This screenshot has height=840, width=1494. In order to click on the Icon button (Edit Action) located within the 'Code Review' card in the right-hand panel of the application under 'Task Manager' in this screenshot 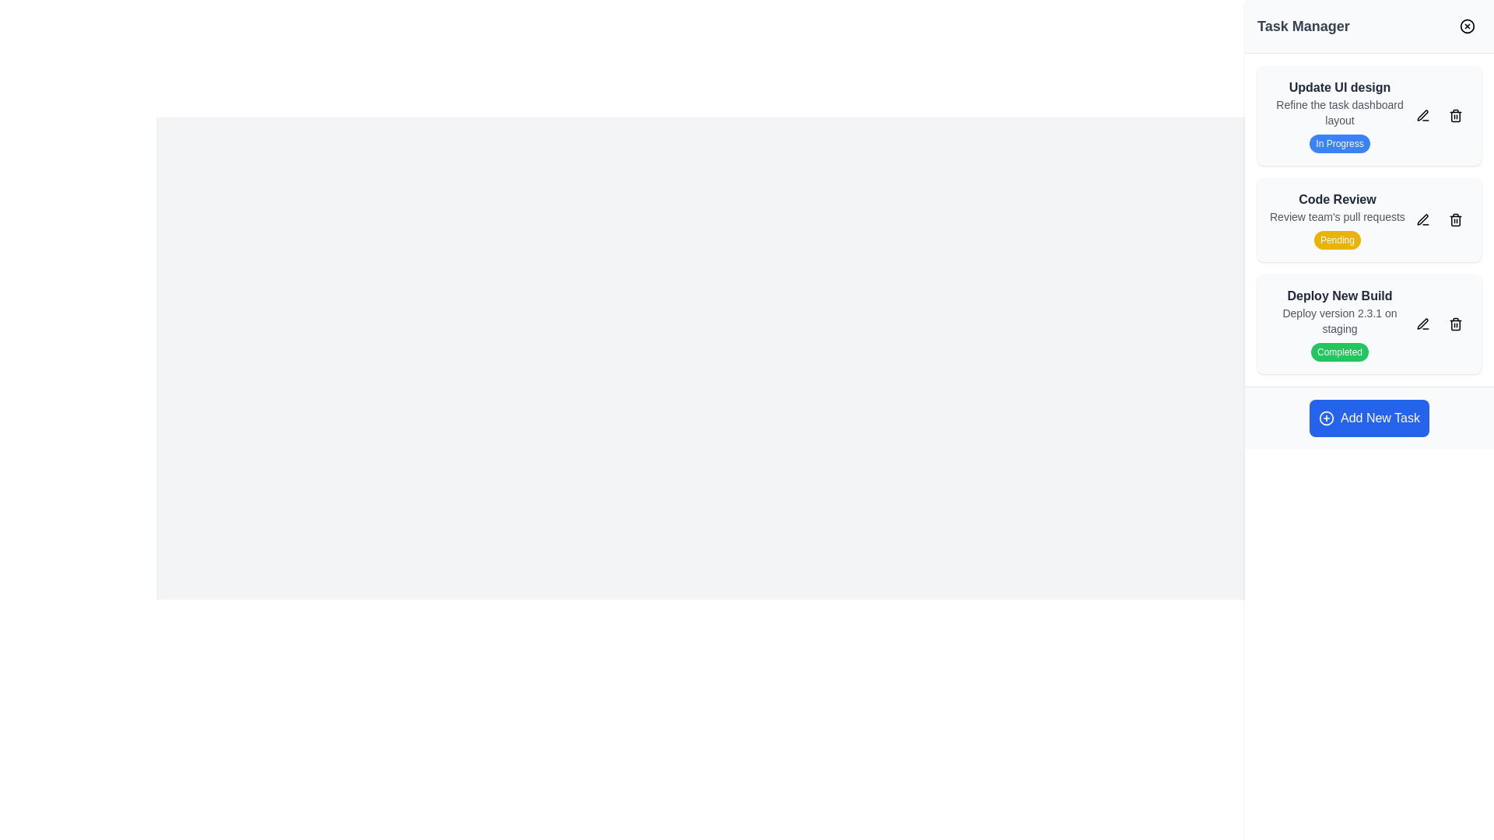, I will do `click(1422, 219)`.